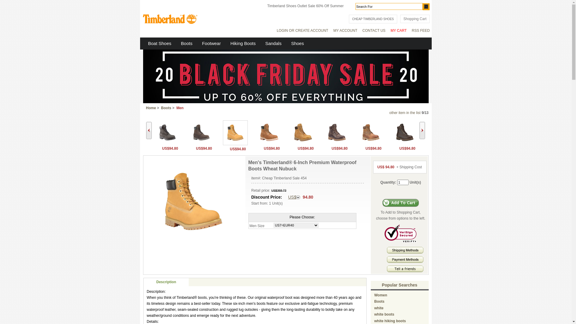  Describe the element at coordinates (405, 250) in the screenshot. I see `' Shipping Methods '` at that location.